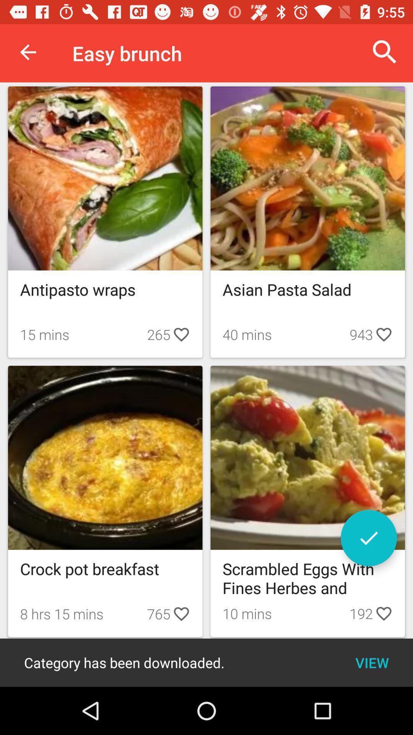  What do you see at coordinates (368, 537) in the screenshot?
I see `select option` at bounding box center [368, 537].